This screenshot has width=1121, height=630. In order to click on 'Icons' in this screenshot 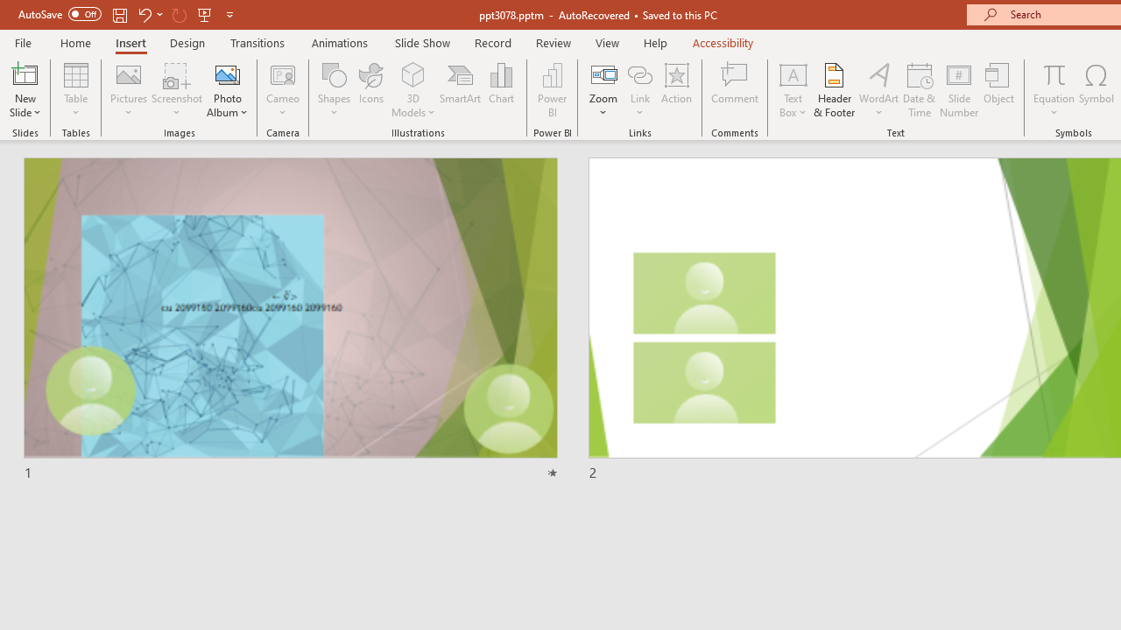, I will do `click(370, 90)`.